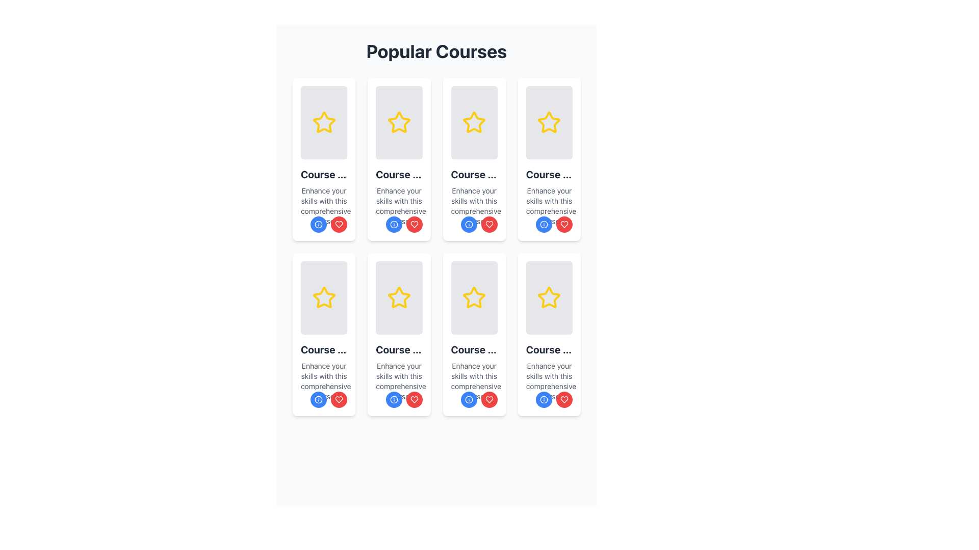 The width and height of the screenshot is (979, 550). What do you see at coordinates (468, 399) in the screenshot?
I see `the information icon button located in the bottom-left corner of the card in the second row and second column of the grid layout` at bounding box center [468, 399].